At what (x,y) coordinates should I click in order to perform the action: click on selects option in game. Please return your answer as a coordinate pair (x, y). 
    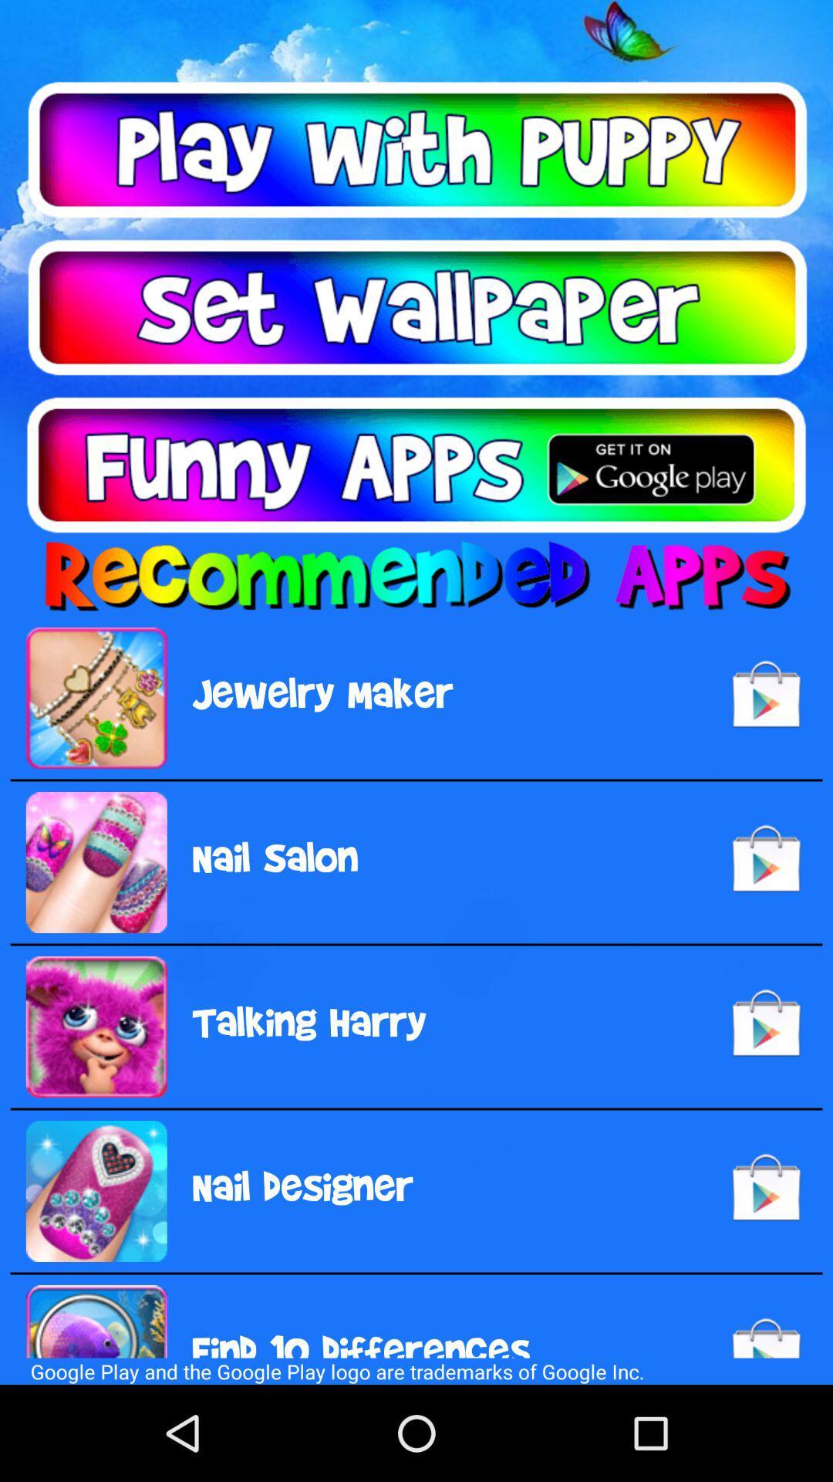
    Looking at the image, I should click on (416, 150).